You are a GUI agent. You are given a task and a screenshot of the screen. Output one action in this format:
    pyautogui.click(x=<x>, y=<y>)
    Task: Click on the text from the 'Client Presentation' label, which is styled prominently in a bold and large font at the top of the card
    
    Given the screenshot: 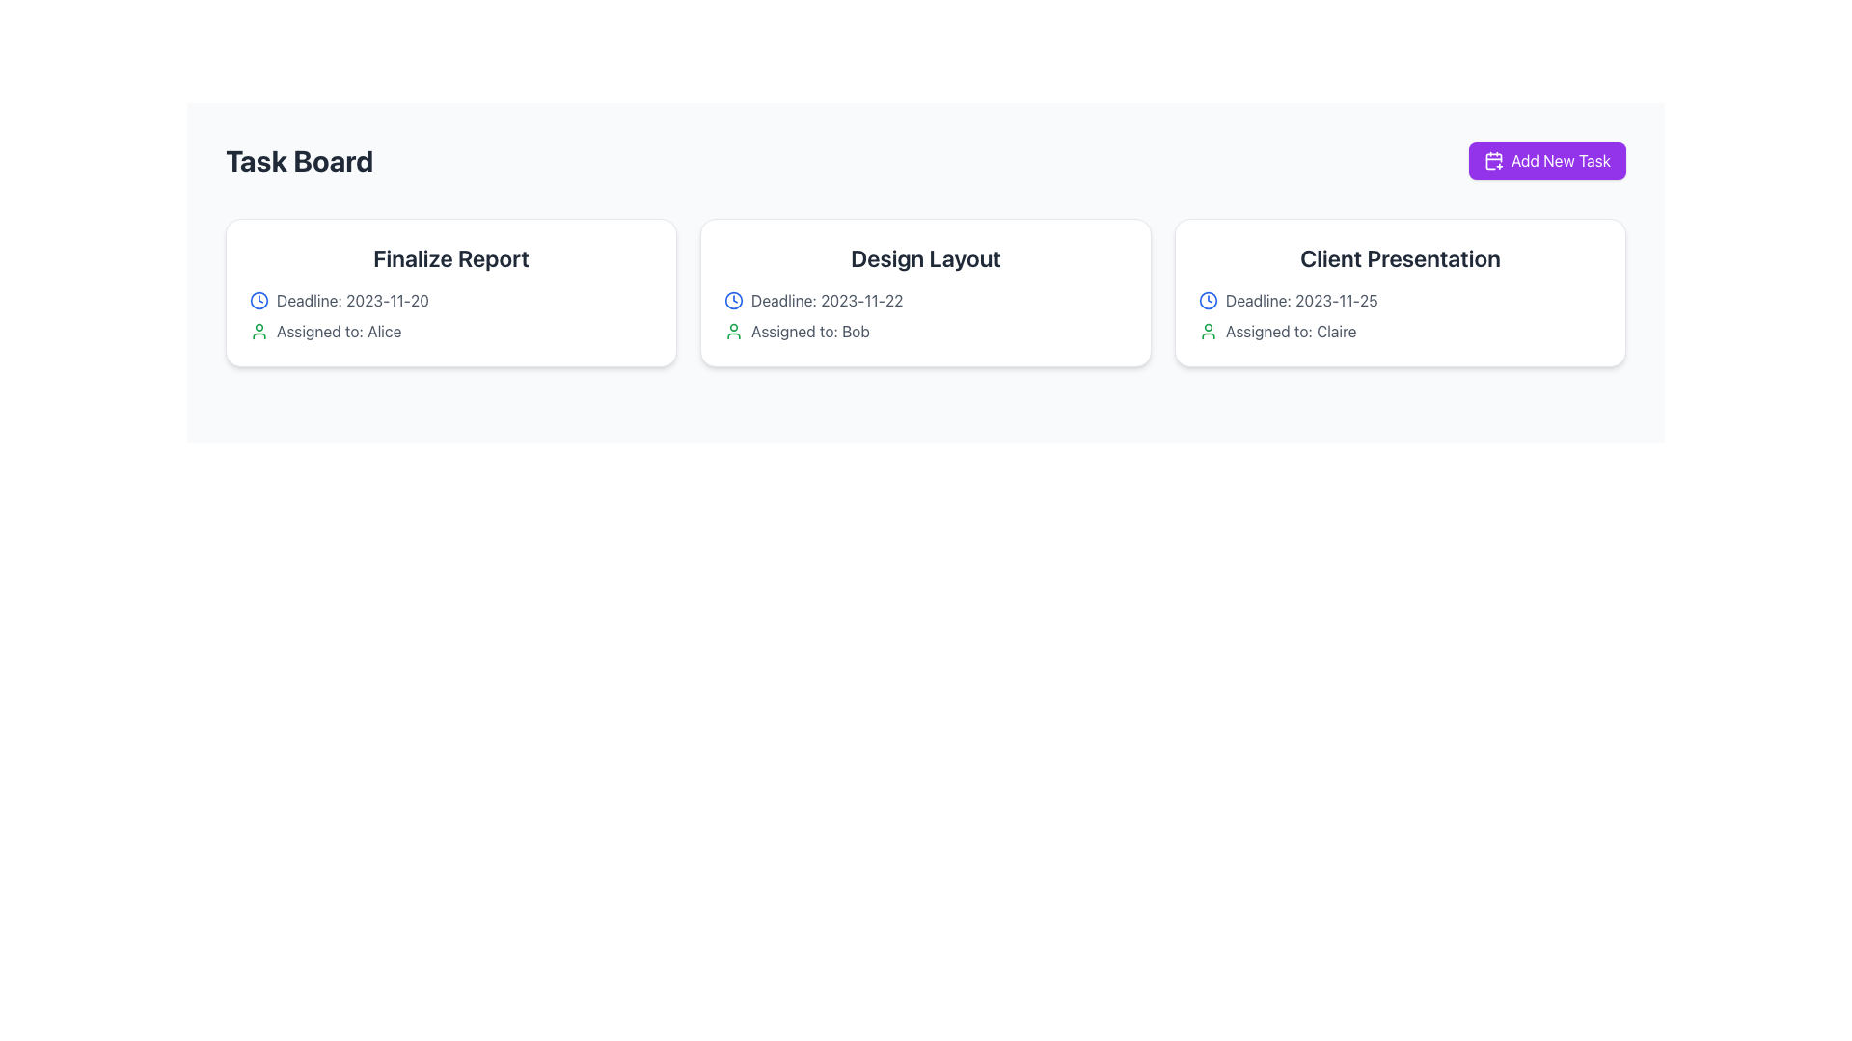 What is the action you would take?
    pyautogui.click(x=1400, y=256)
    